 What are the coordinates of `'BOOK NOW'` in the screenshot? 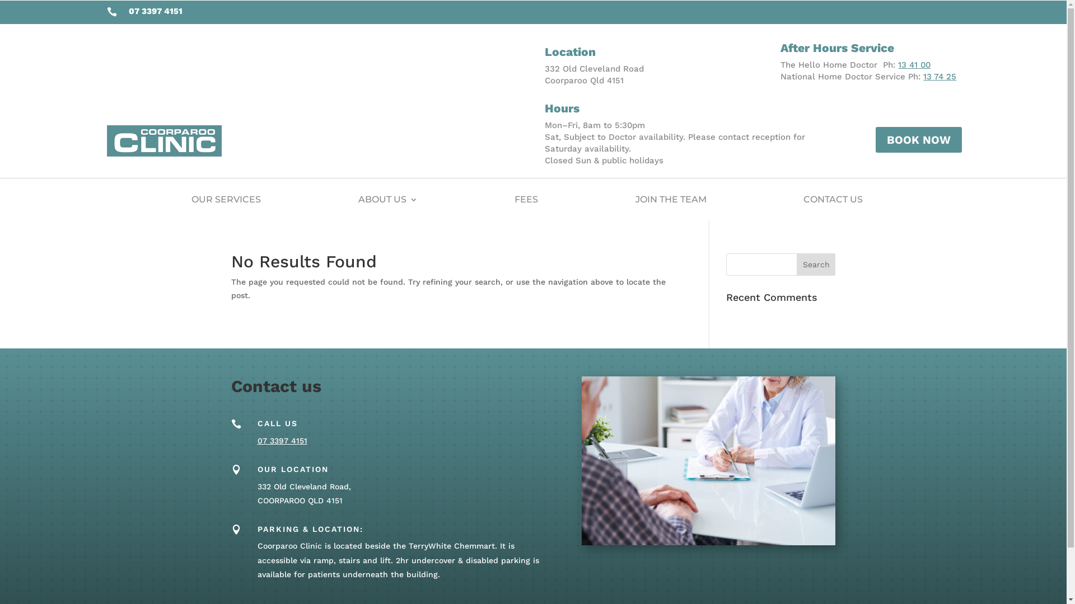 It's located at (919, 139).